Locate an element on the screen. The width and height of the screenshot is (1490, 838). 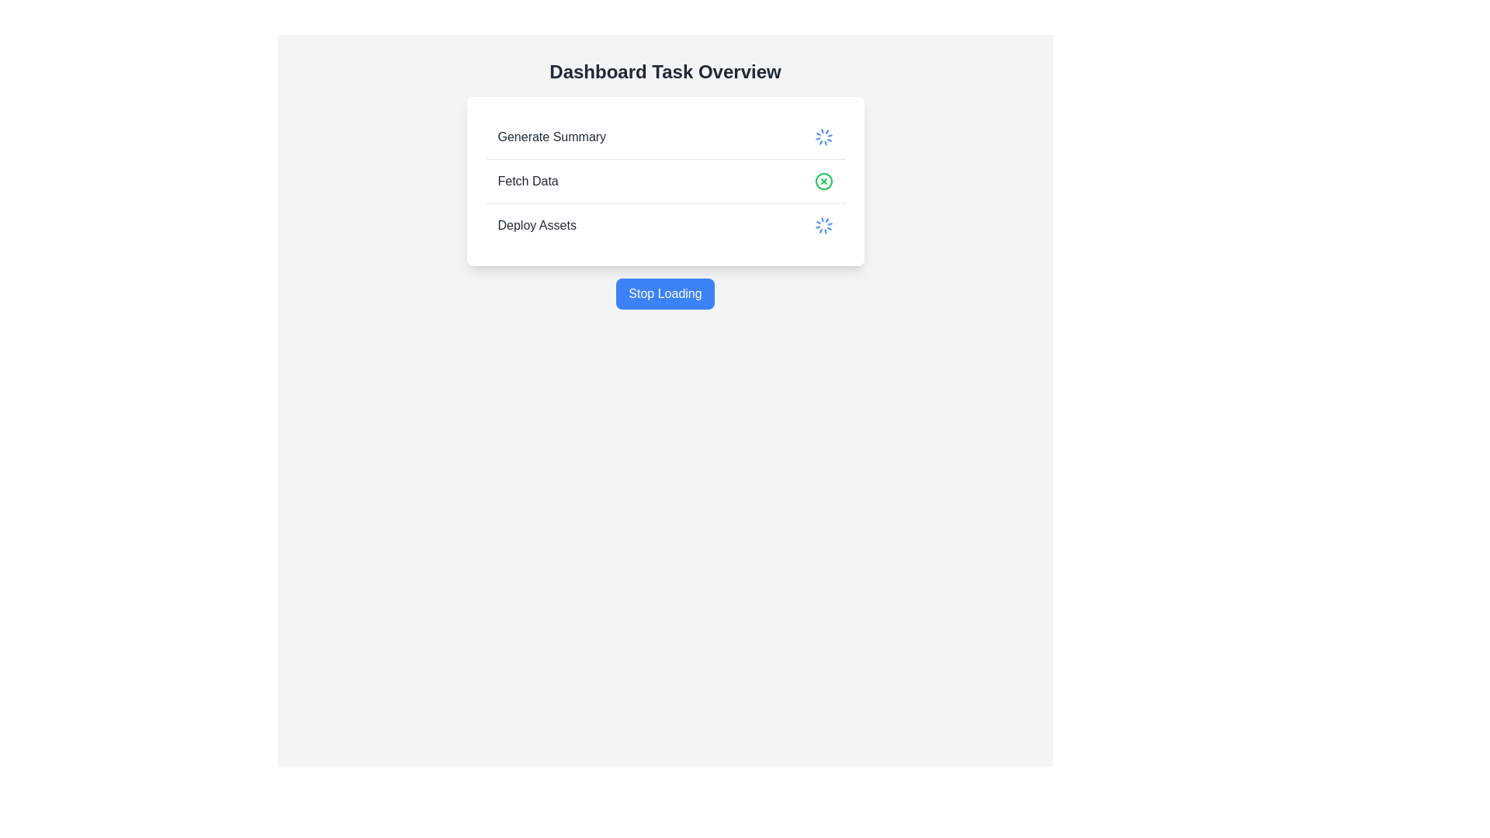
the animation of the circular blue spinner located to the far-right of the 'Deploy Assets' section in the 'Dashboard Task Overview' is located at coordinates (823, 225).